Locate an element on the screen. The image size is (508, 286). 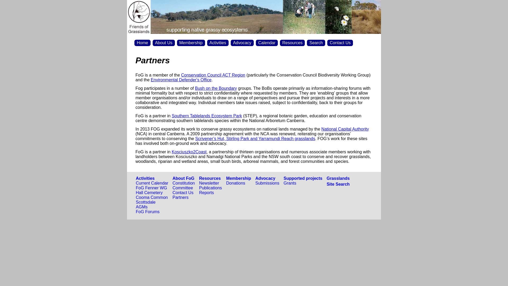
'Membership' is located at coordinates (190, 43).